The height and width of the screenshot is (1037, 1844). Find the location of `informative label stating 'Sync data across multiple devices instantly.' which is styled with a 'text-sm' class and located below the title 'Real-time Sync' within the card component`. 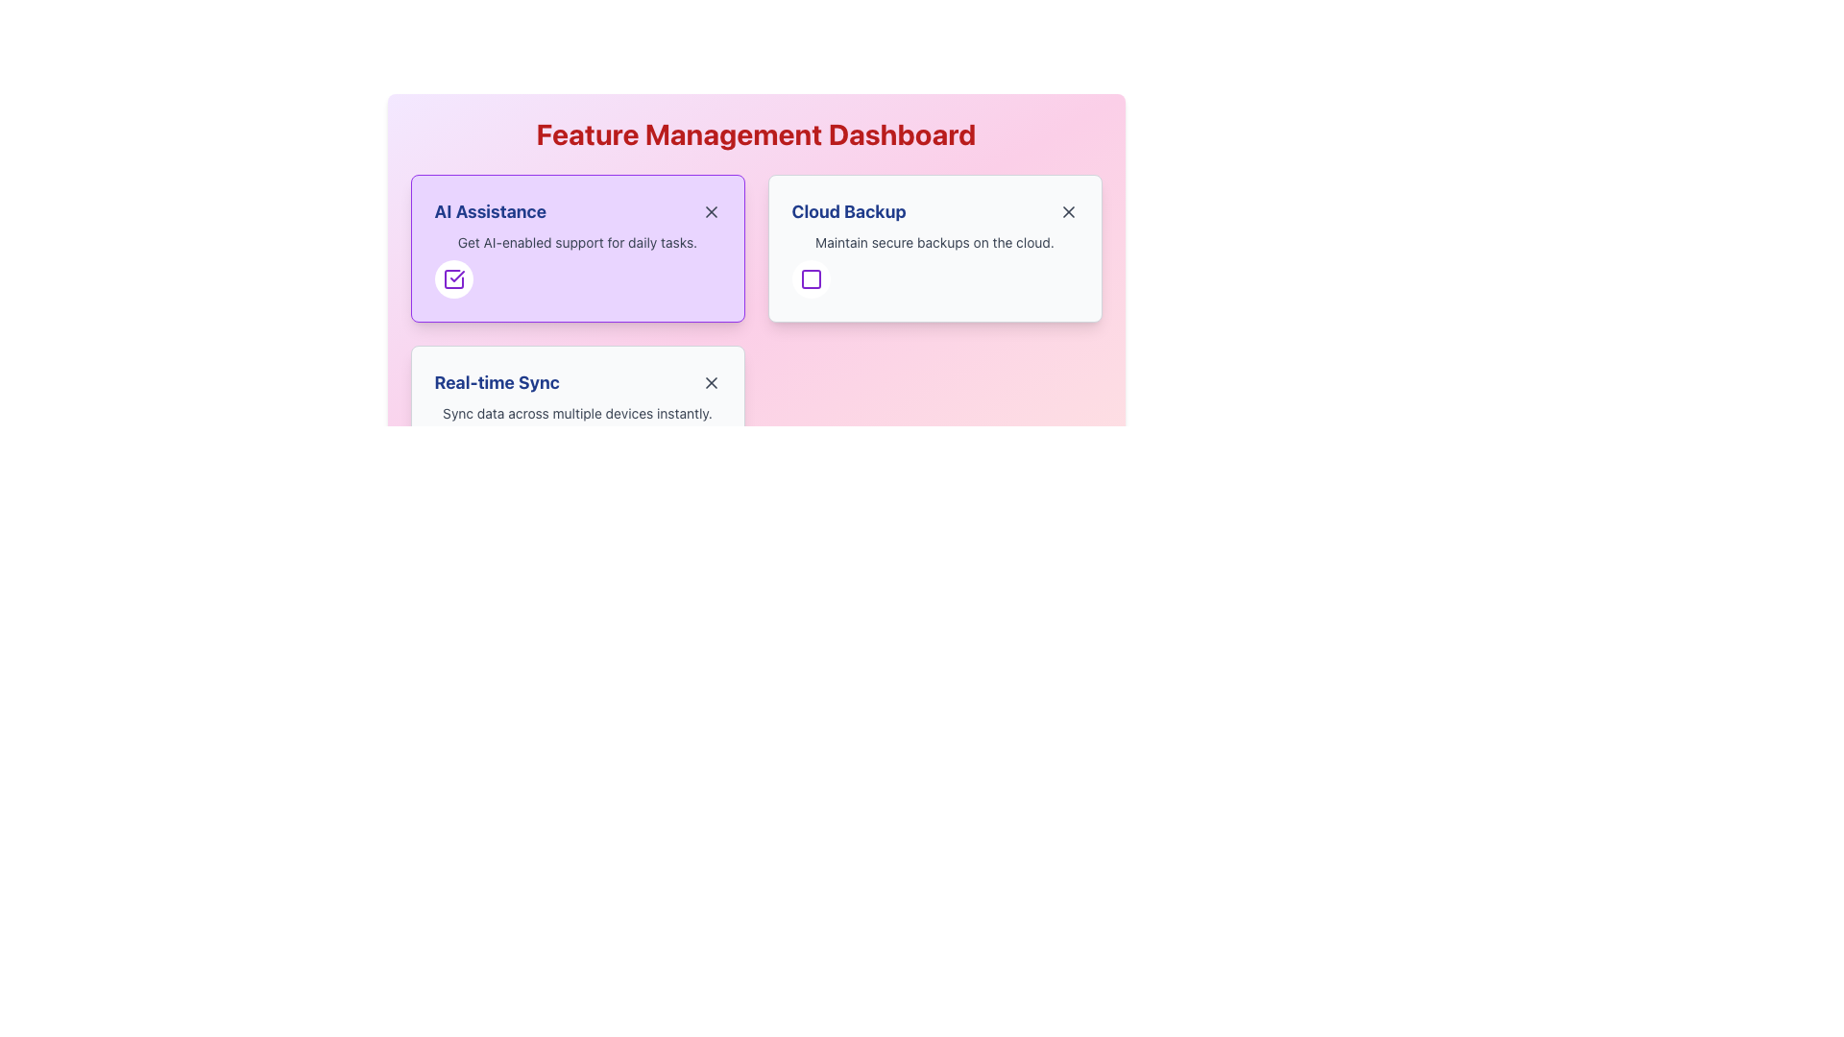

informative label stating 'Sync data across multiple devices instantly.' which is styled with a 'text-sm' class and located below the title 'Real-time Sync' within the card component is located at coordinates (576, 413).